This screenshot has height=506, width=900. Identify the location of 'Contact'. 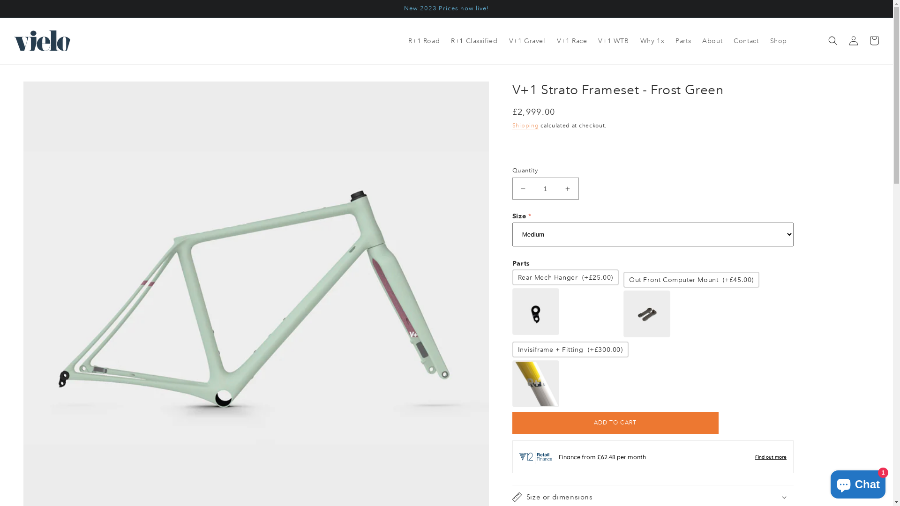
(745, 40).